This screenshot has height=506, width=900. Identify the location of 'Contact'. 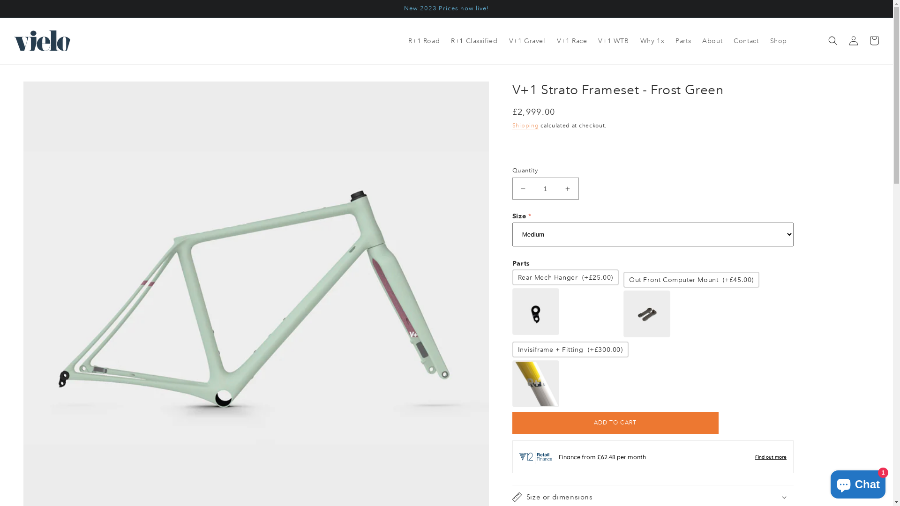
(745, 40).